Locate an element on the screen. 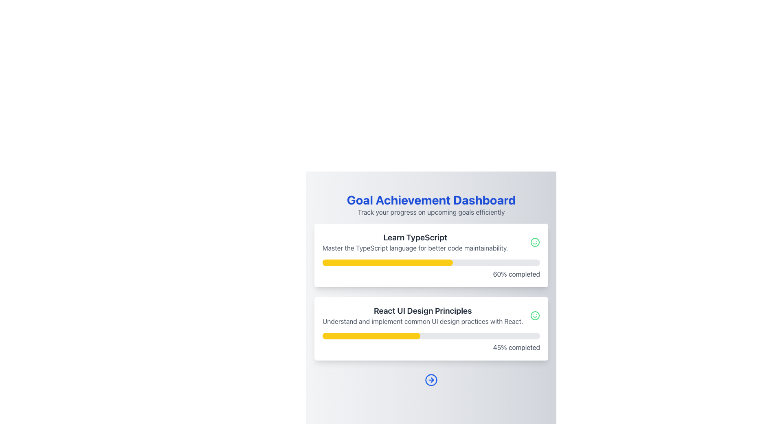 Image resolution: width=782 pixels, height=440 pixels. the Progress Bar with a yellow background located in the 'Learn TypeScript' section of the Goal Achievement Dashboard is located at coordinates (387, 262).